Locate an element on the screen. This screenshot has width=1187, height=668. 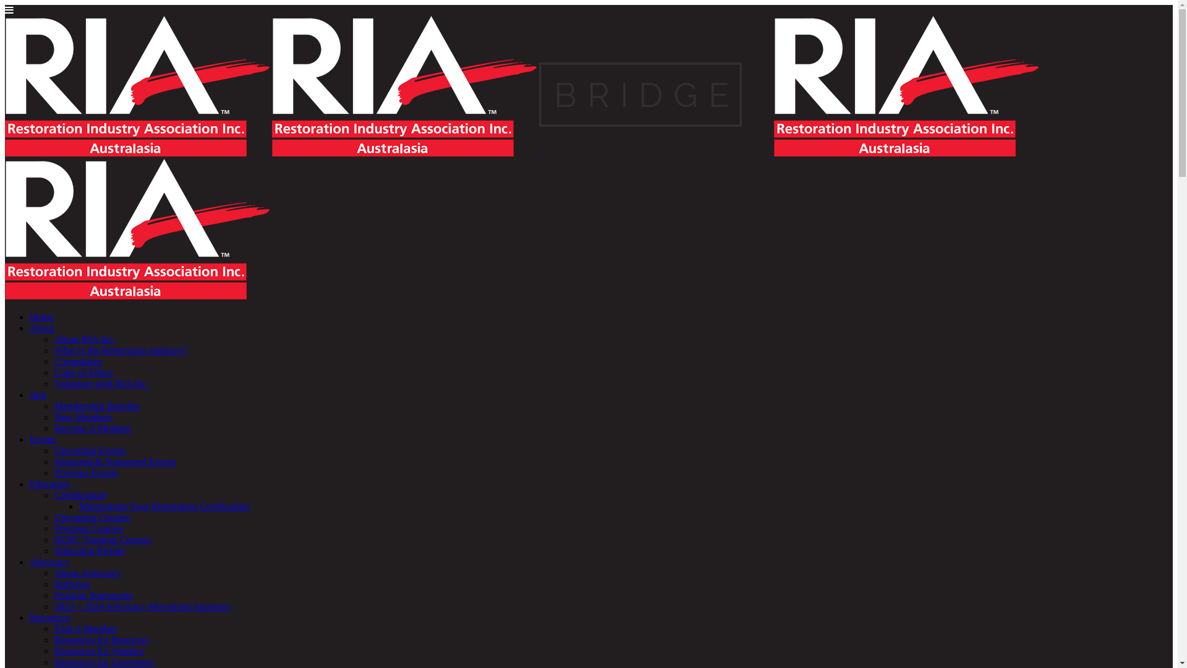
'Advocacy' is located at coordinates (49, 562).